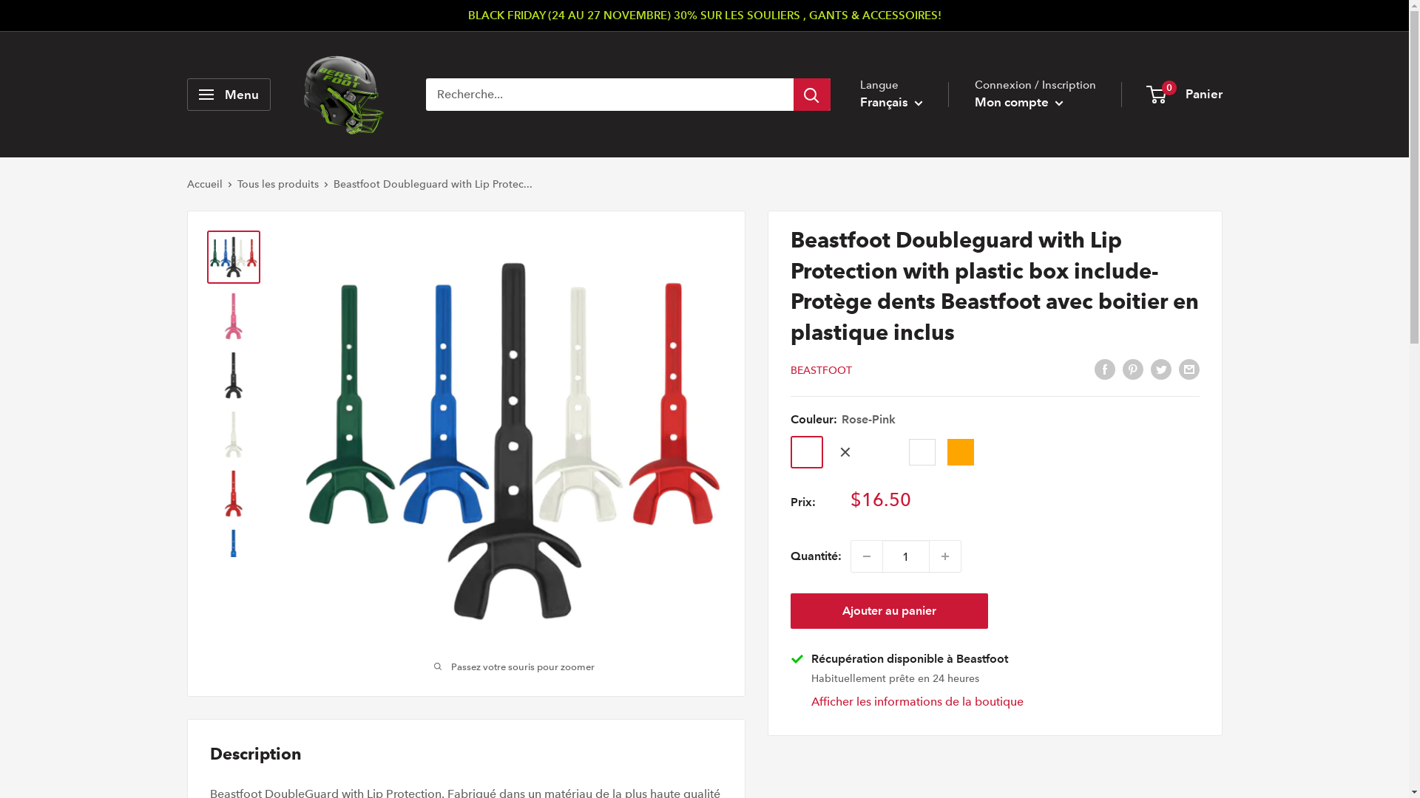  Describe the element at coordinates (887, 610) in the screenshot. I see `'Ajouter au panier'` at that location.